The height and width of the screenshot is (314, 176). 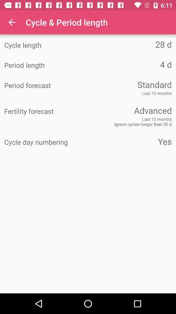 What do you see at coordinates (46, 142) in the screenshot?
I see `item next to yes item` at bounding box center [46, 142].